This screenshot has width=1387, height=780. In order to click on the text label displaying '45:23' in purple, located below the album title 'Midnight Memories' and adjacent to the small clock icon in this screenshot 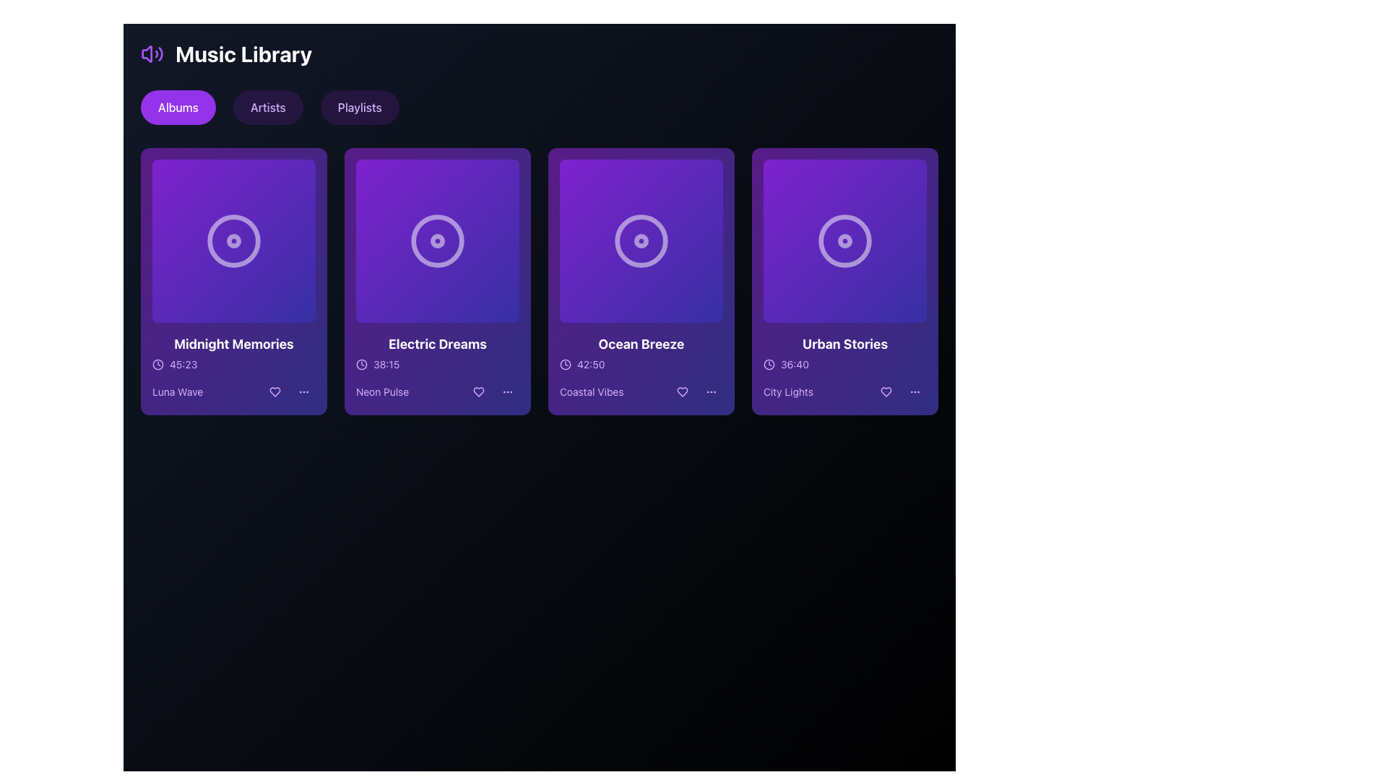, I will do `click(183, 364)`.